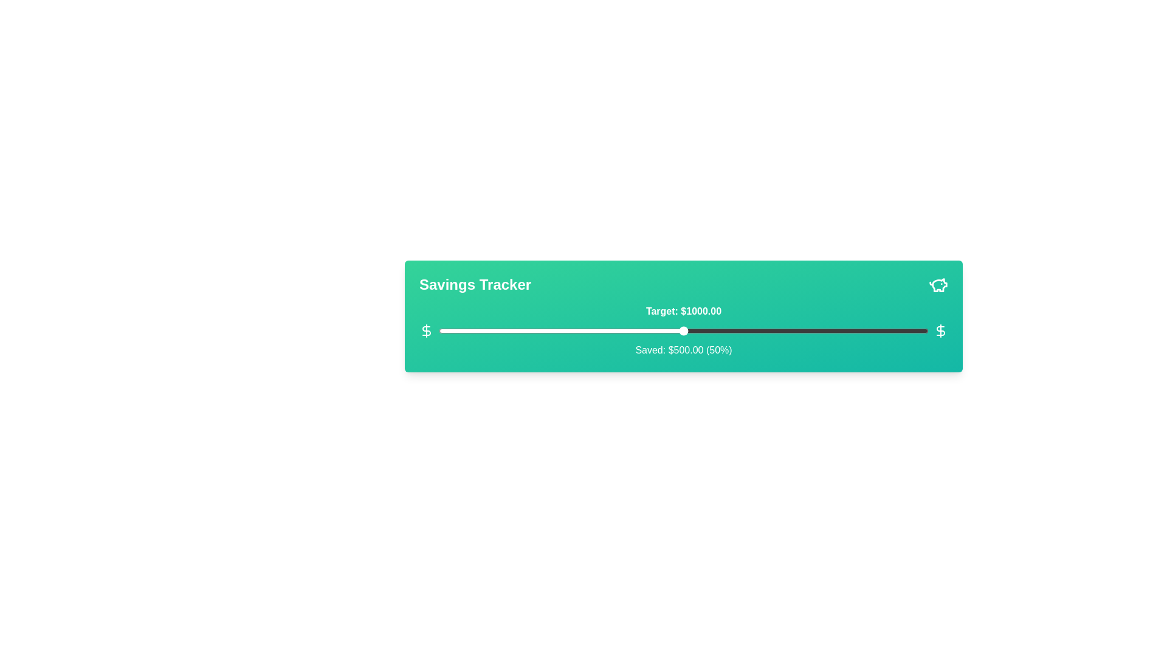  Describe the element at coordinates (756, 330) in the screenshot. I see `the savings tracker` at that location.